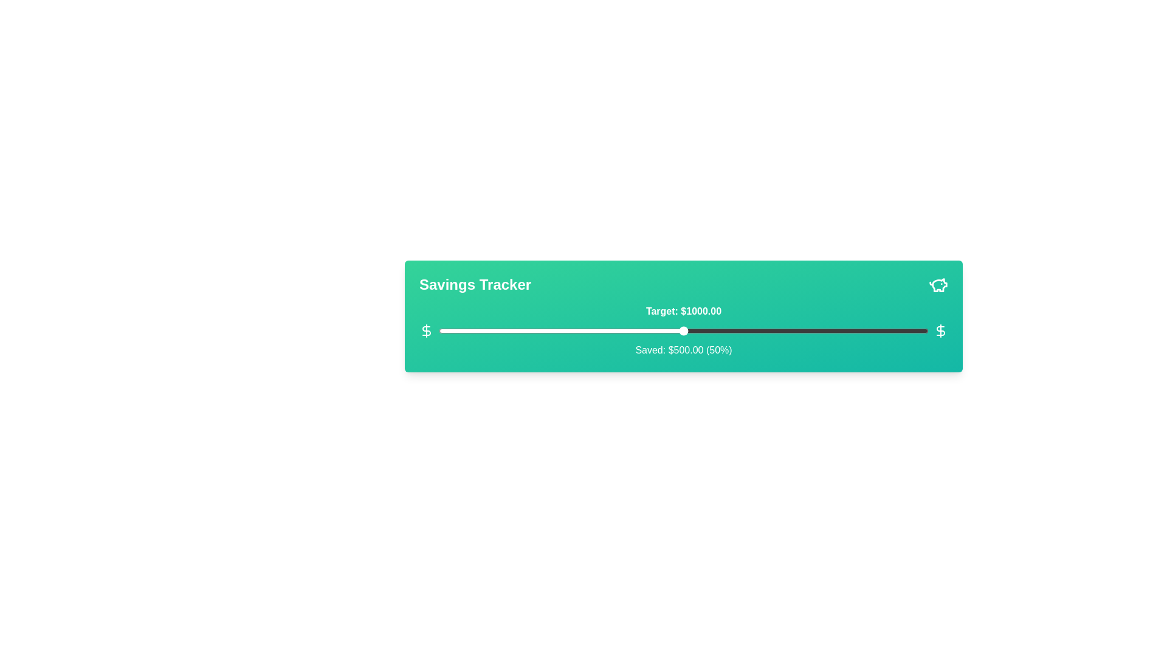  Describe the element at coordinates (756, 330) in the screenshot. I see `the savings tracker` at that location.